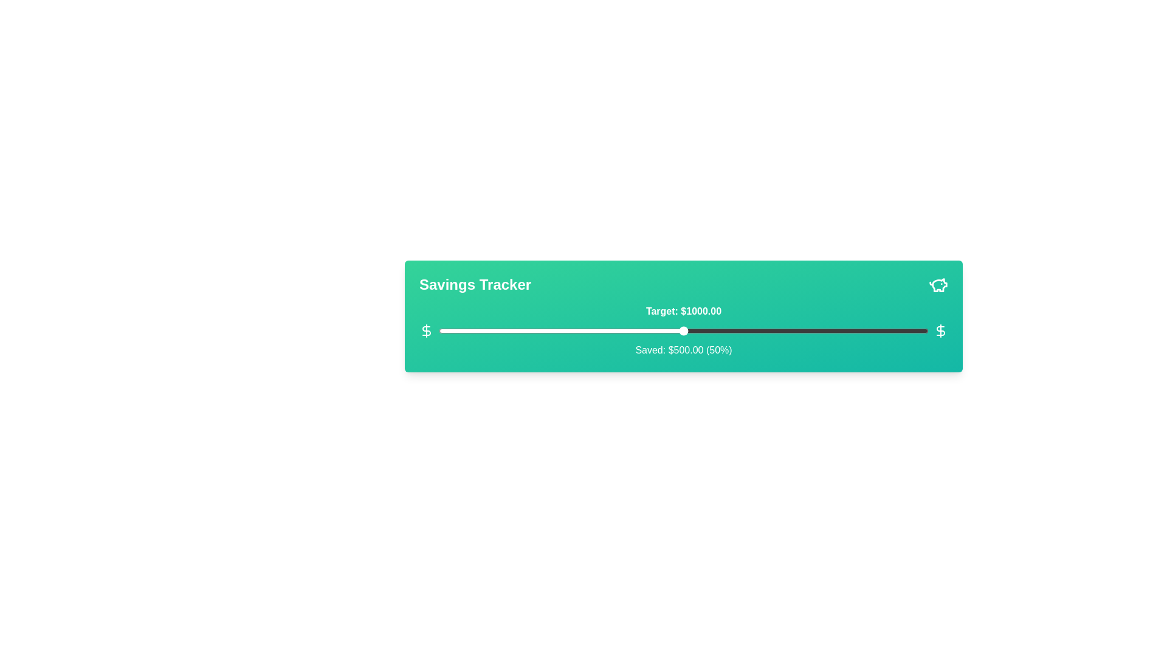  Describe the element at coordinates (756, 330) in the screenshot. I see `the savings tracker` at that location.